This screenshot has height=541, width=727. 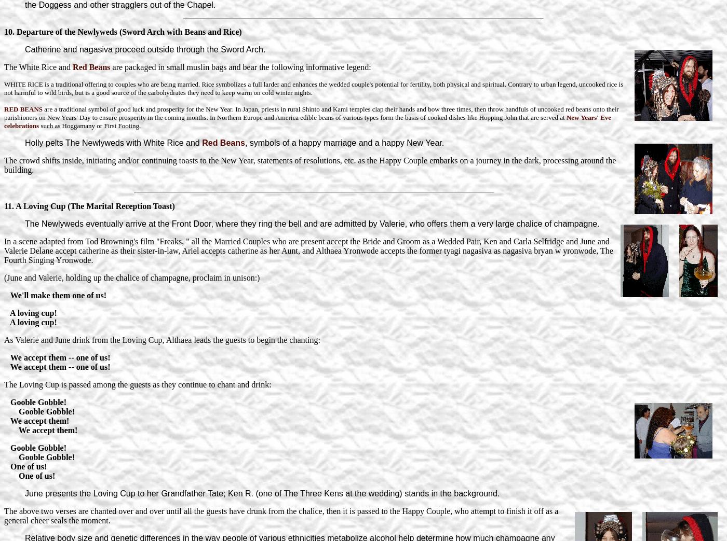 What do you see at coordinates (138, 384) in the screenshot?
I see `'The Loving Cup is passed among the guests as they continue to chant and drink:'` at bounding box center [138, 384].